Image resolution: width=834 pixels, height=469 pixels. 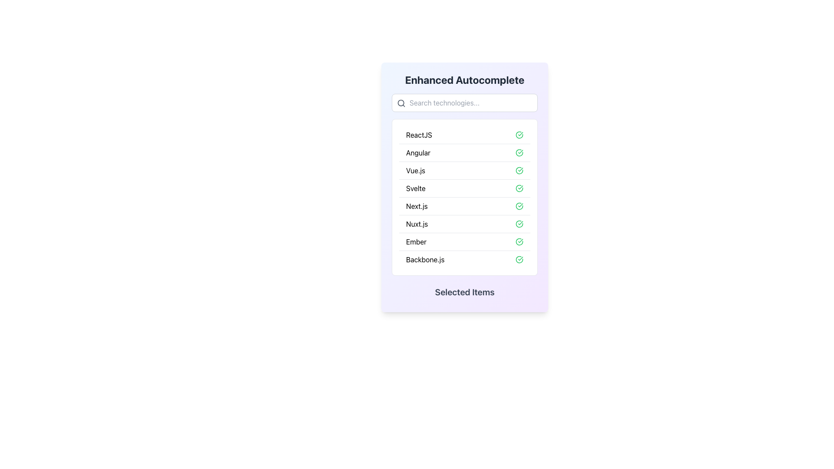 I want to click on the text label displaying 'Svelte' located in the fourth row of the 'Enhanced Autocomplete' box, adjacent to an action or status indicator icon, so click(x=415, y=188).